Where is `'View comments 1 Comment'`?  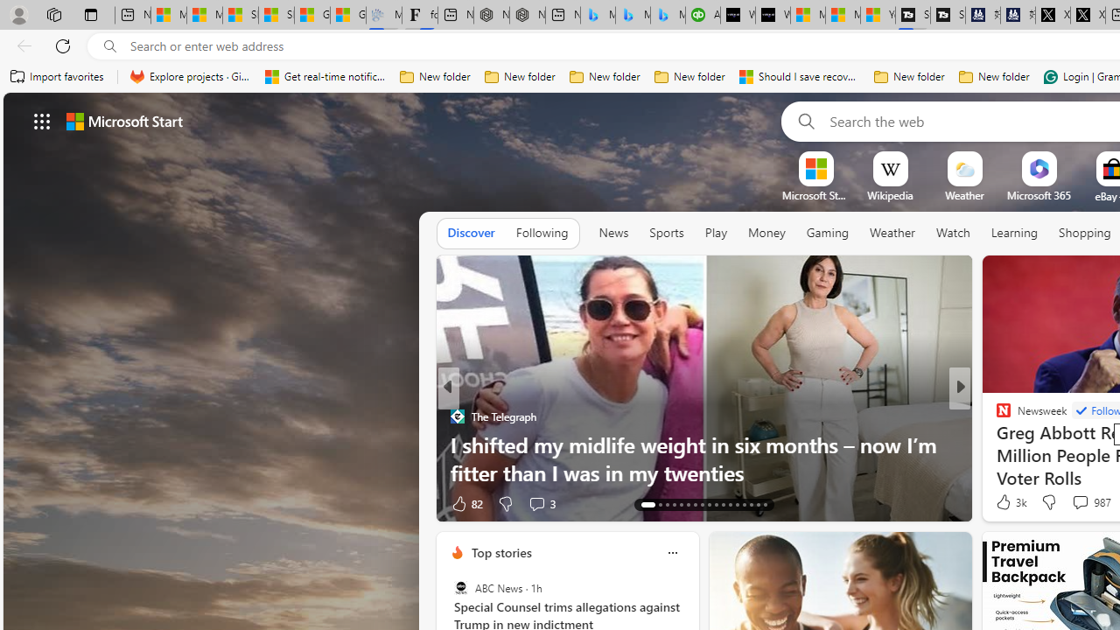 'View comments 1 Comment' is located at coordinates (1080, 503).